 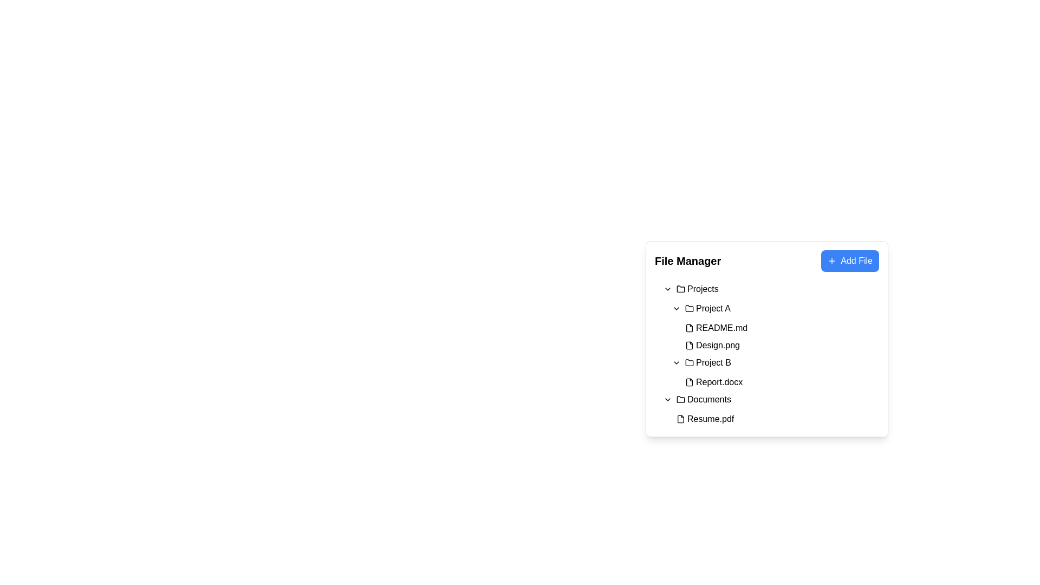 What do you see at coordinates (704, 399) in the screenshot?
I see `the 'Documents' folder entry, which is represented by a folder icon and the text label 'Documents'` at bounding box center [704, 399].